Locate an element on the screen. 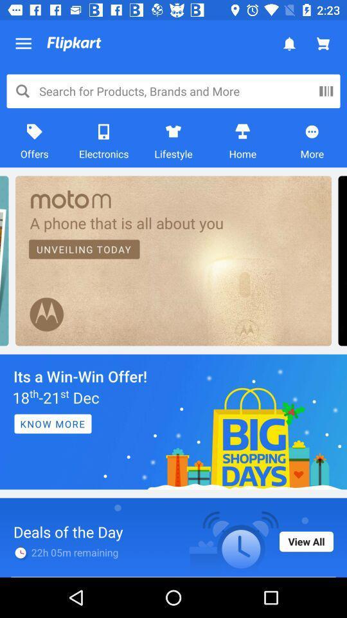  shopping advertisement is located at coordinates (173, 421).